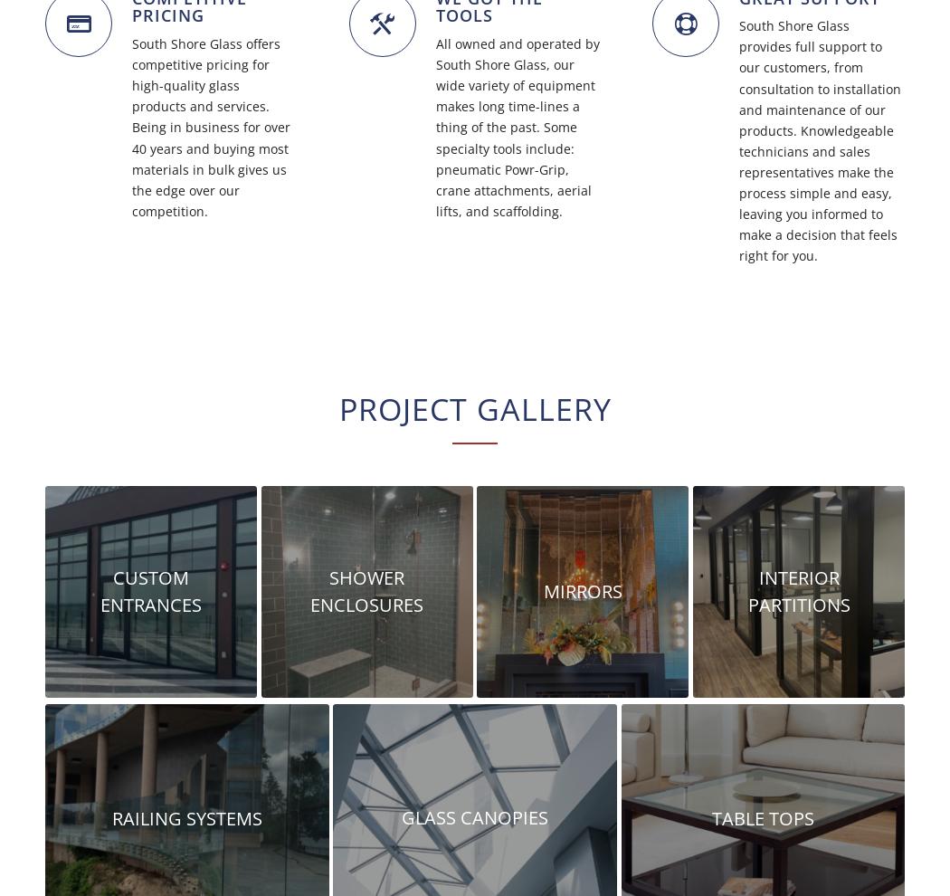 Image resolution: width=950 pixels, height=896 pixels. I want to click on 'CUSTOM ENTRANCES', so click(150, 590).